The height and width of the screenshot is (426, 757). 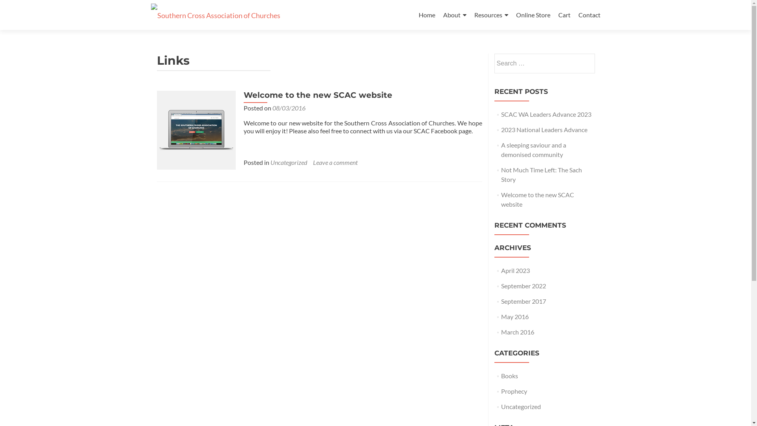 What do you see at coordinates (541, 174) in the screenshot?
I see `'Not Much Time Left: The Sach Story'` at bounding box center [541, 174].